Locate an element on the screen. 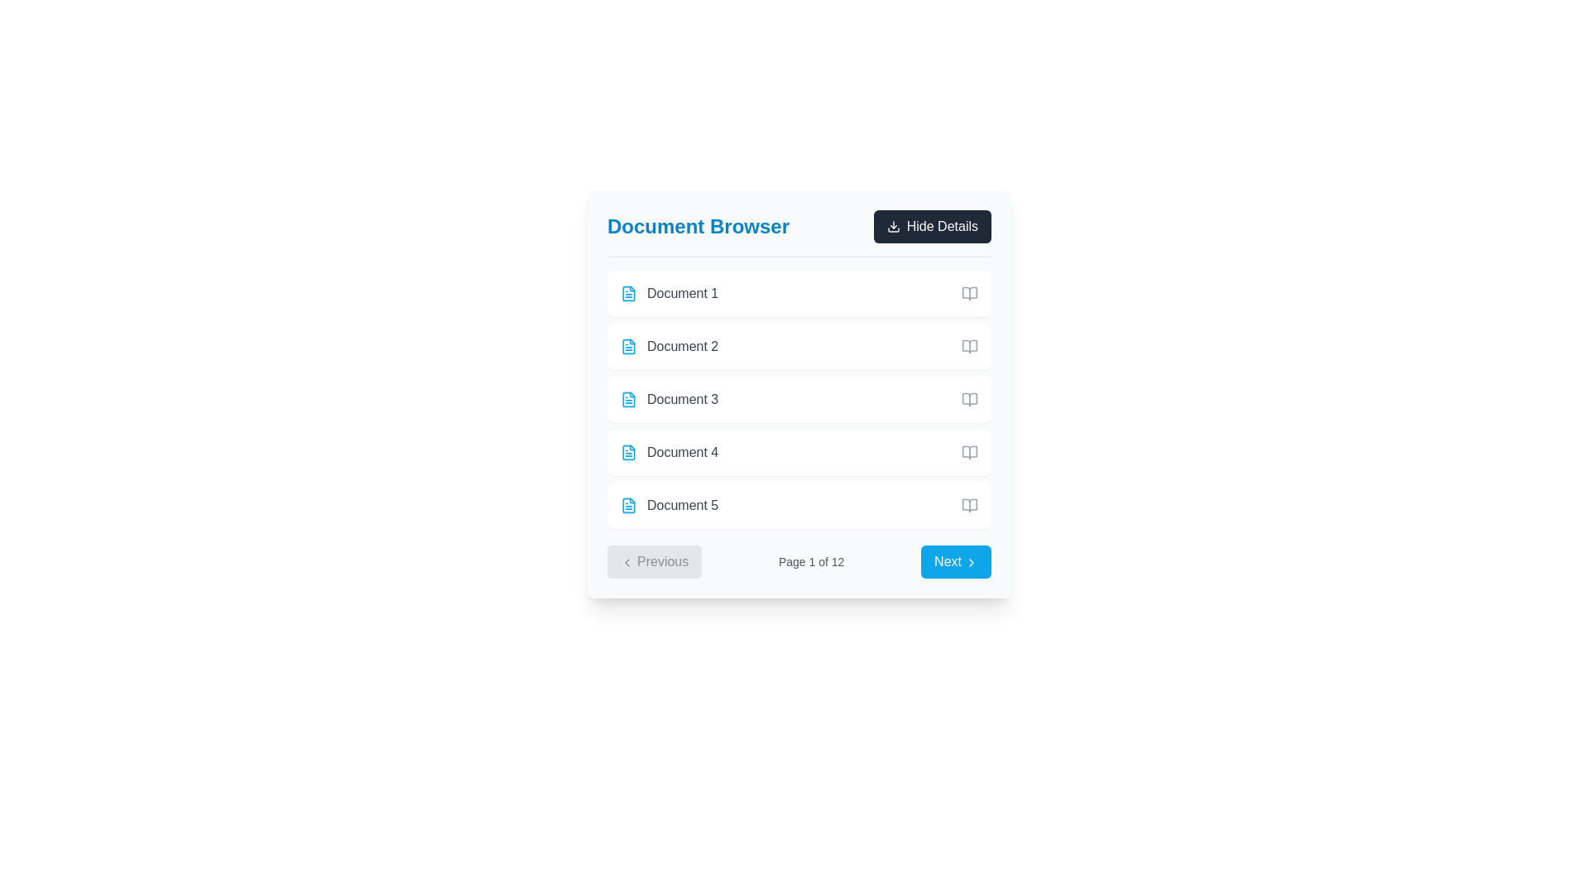 The image size is (1589, 894). the blue 'Next' button with white text and a right-pointing chevron icon to observe the hover effect is located at coordinates (956, 560).